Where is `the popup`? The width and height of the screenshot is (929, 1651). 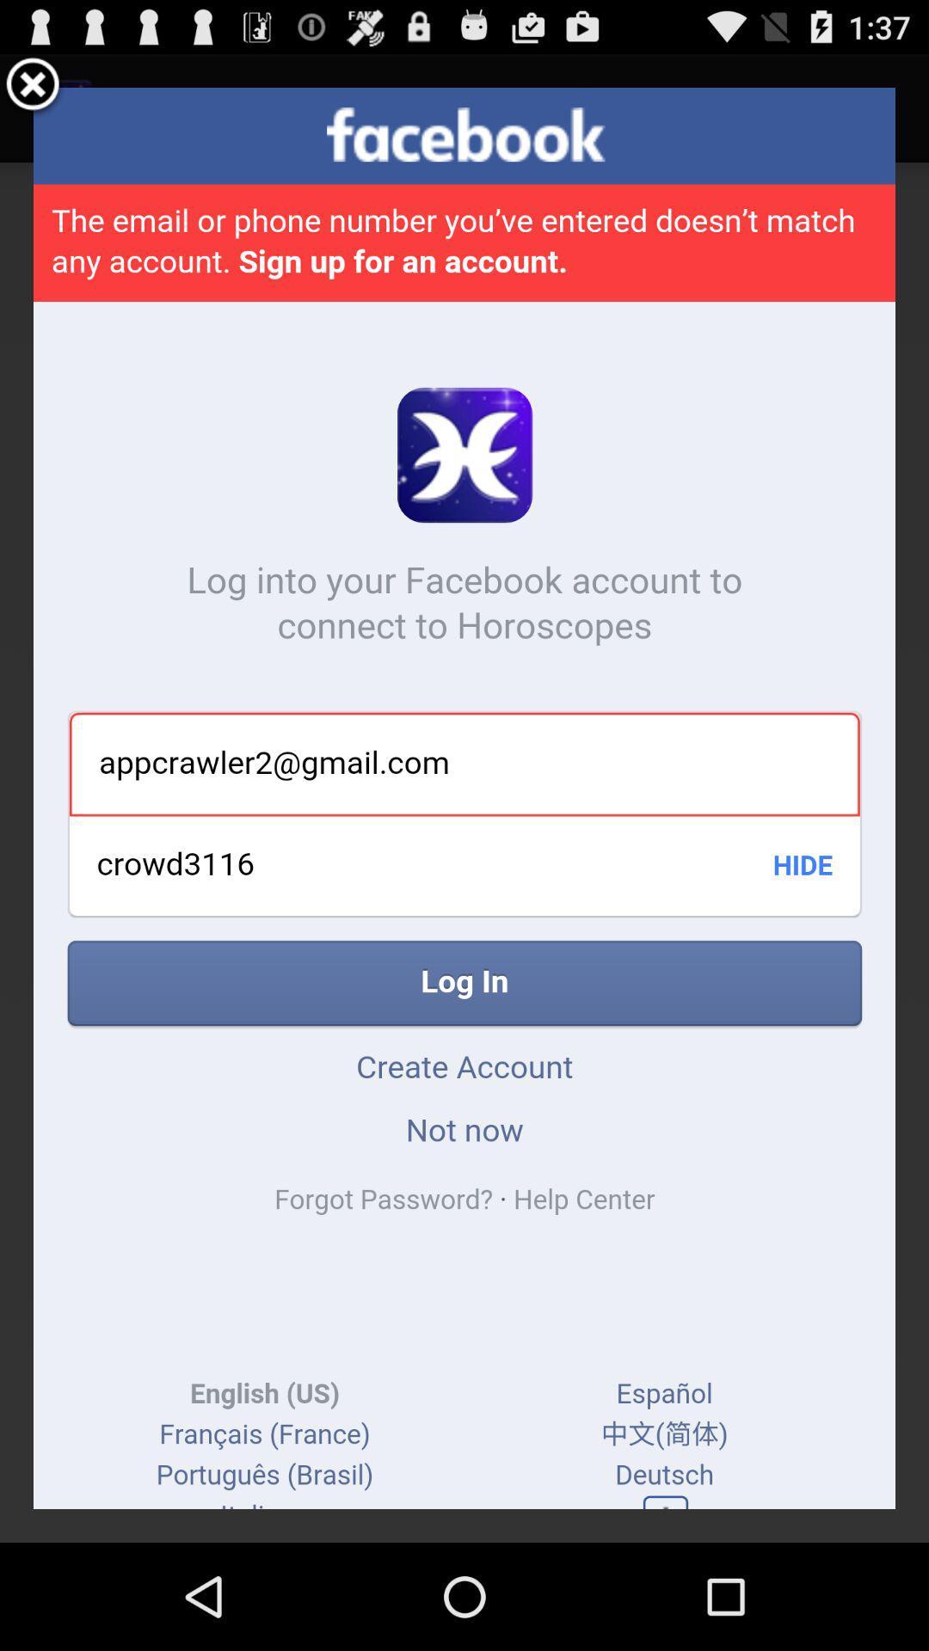
the popup is located at coordinates (33, 86).